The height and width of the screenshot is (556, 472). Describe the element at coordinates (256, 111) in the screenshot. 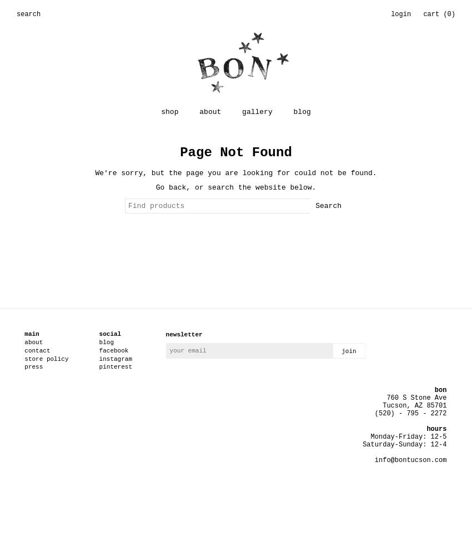

I see `'gallery'` at that location.